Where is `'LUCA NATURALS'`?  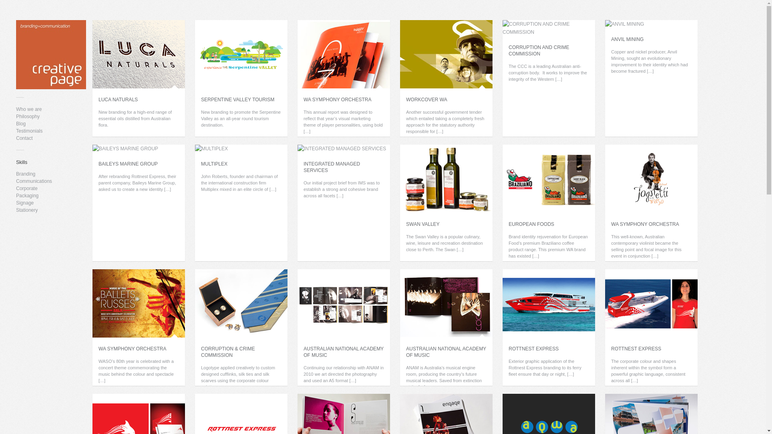
'LUCA NATURALS' is located at coordinates (139, 54).